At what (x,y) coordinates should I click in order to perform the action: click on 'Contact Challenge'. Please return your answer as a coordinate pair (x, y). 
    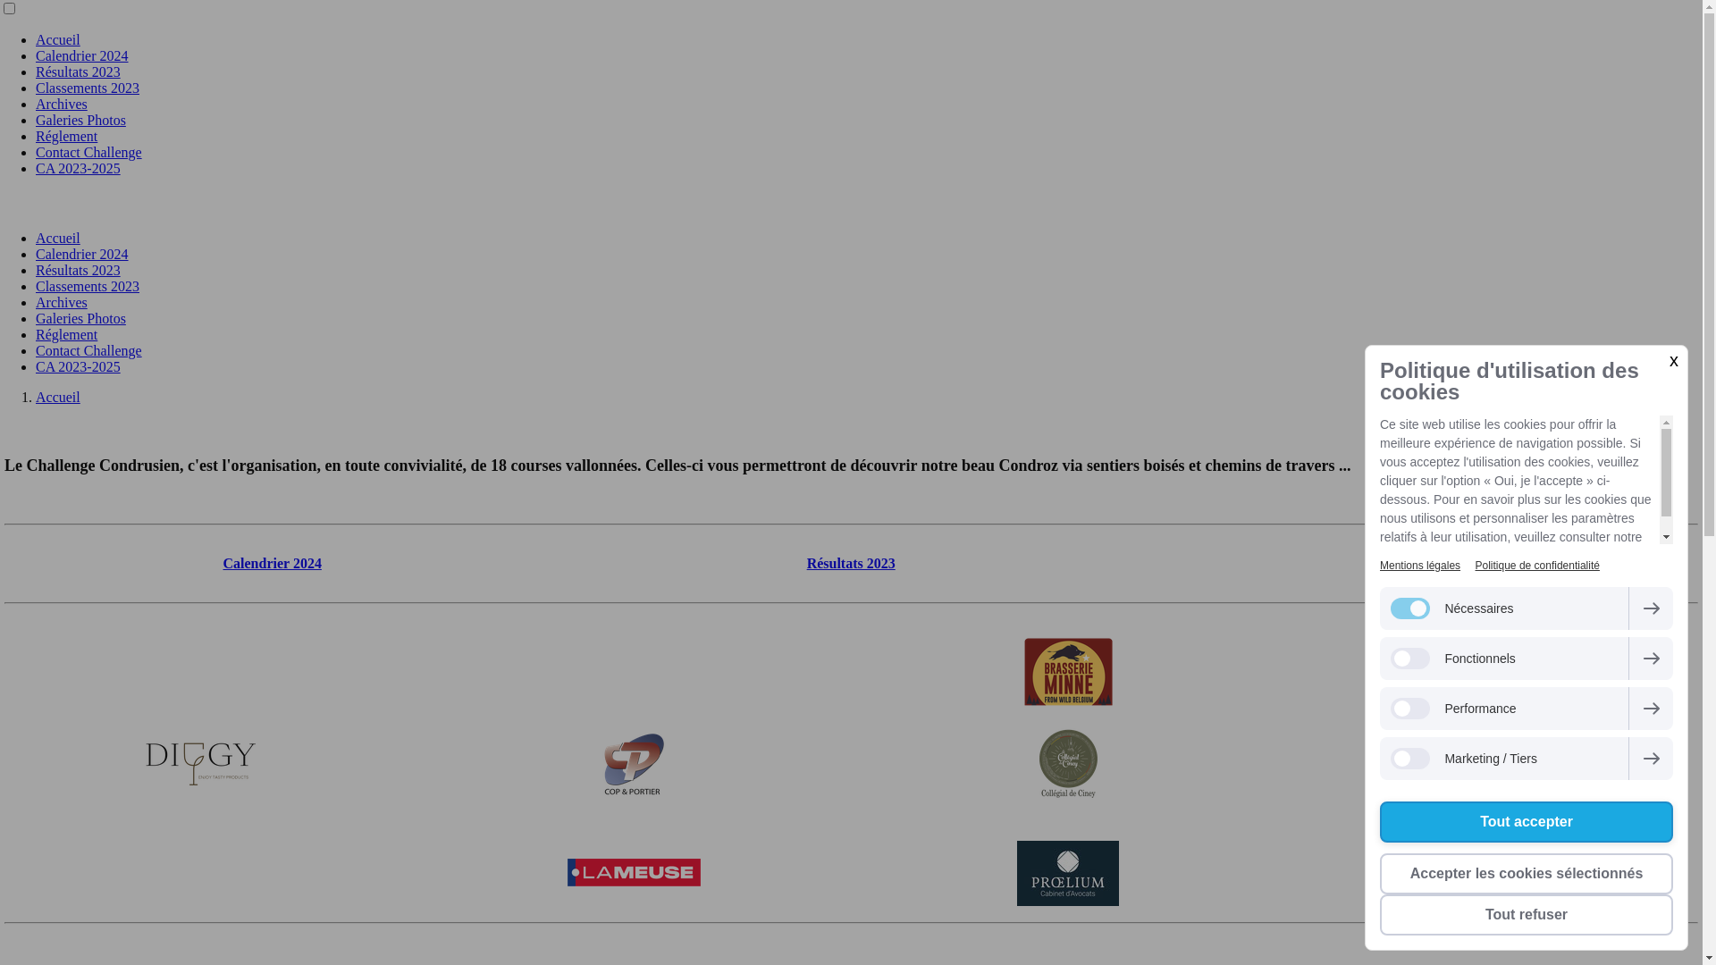
    Looking at the image, I should click on (88, 350).